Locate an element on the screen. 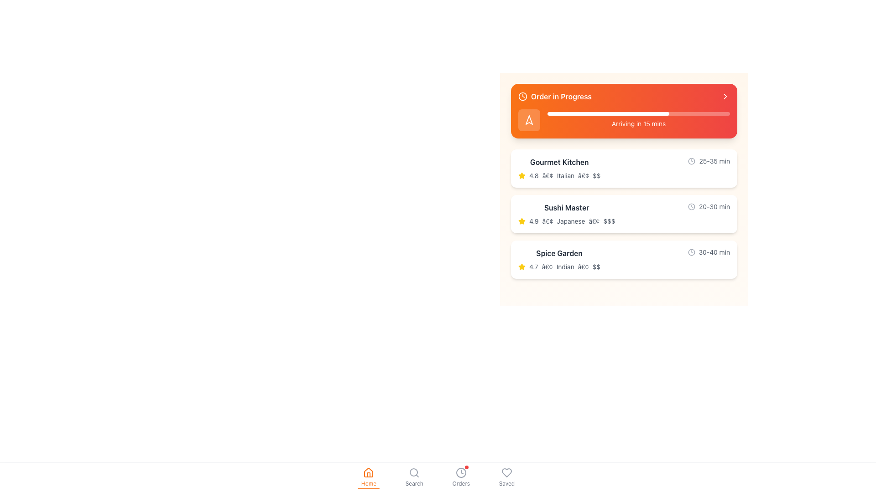 The image size is (876, 492). the restaurant textual section labeled 'Sushi Master', which includes the rating, cuisine type, and price range is located at coordinates (566, 214).